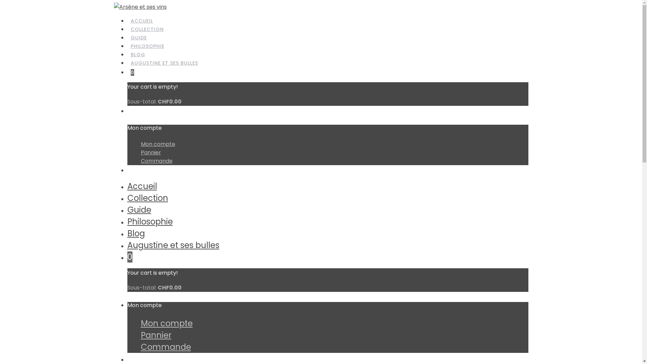  Describe the element at coordinates (147, 29) in the screenshot. I see `'COLLECTION'` at that location.